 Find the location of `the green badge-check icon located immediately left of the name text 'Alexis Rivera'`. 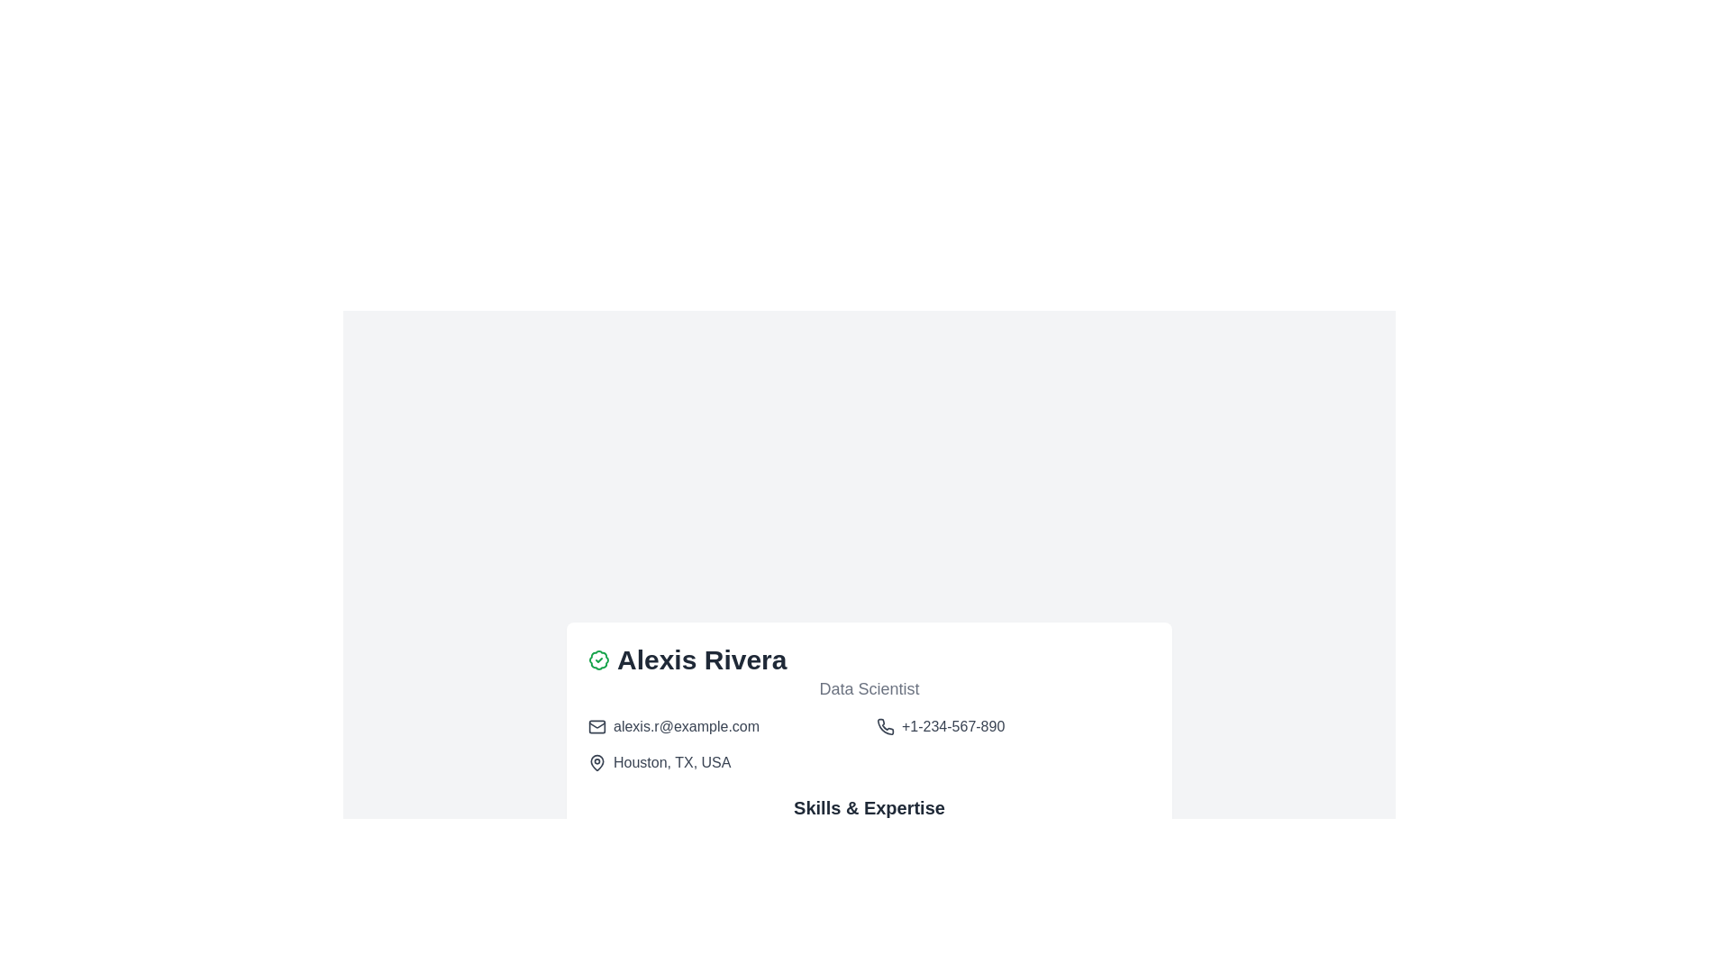

the green badge-check icon located immediately left of the name text 'Alexis Rivera' is located at coordinates (599, 659).